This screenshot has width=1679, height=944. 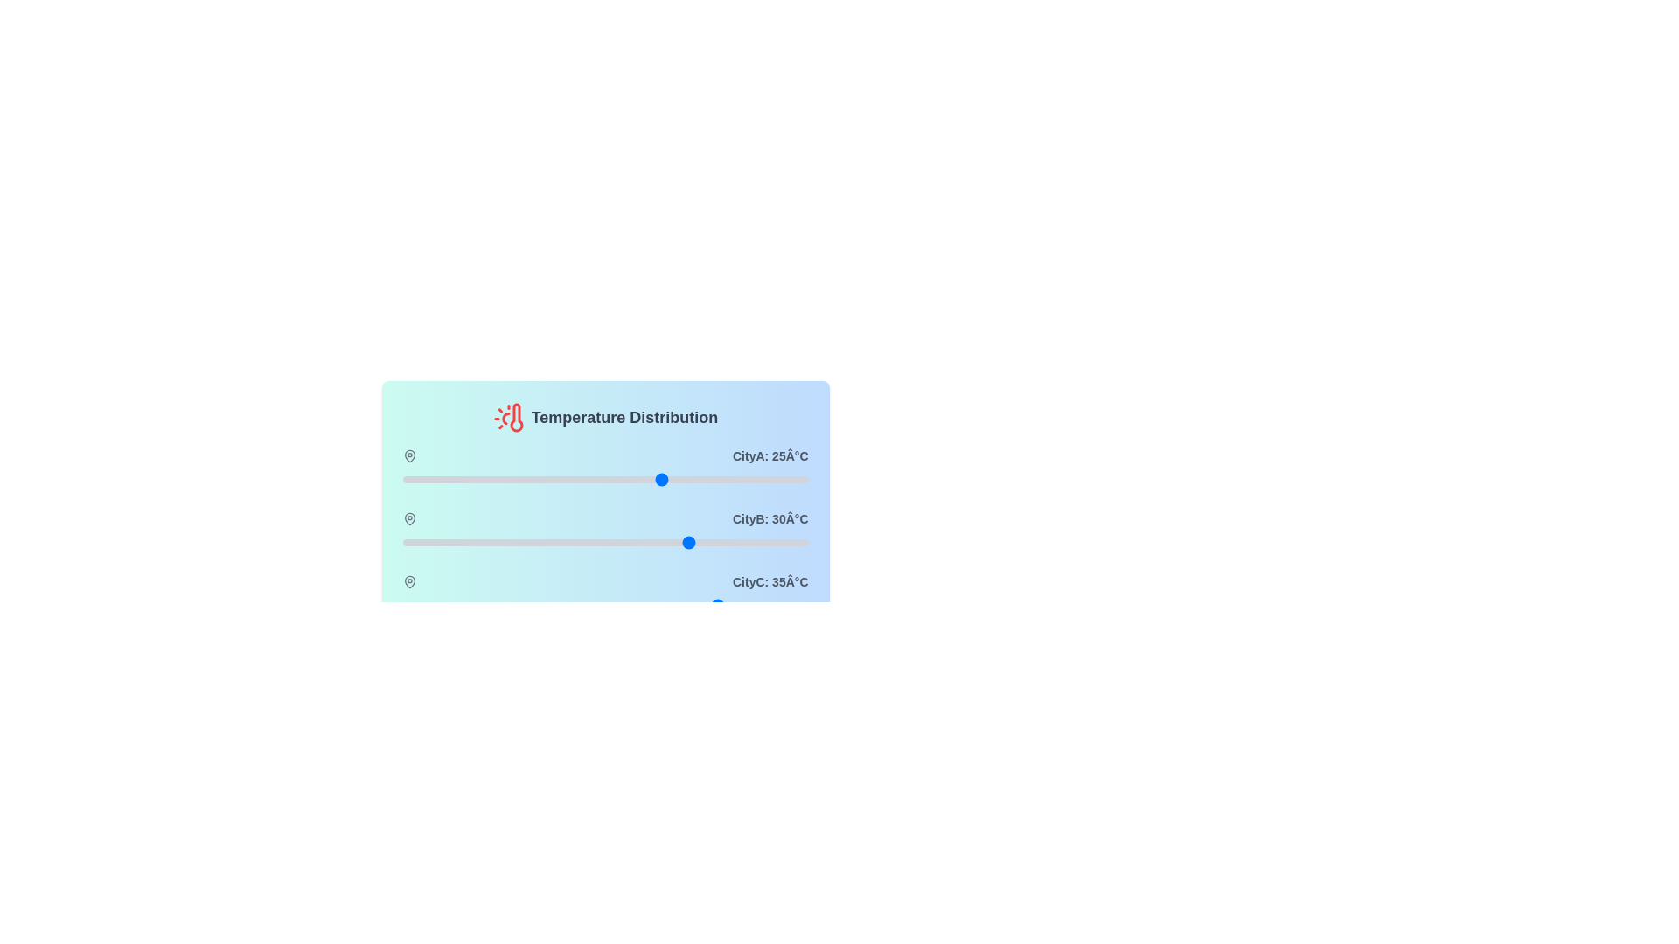 What do you see at coordinates (408, 455) in the screenshot?
I see `the map pin icon for CityA` at bounding box center [408, 455].